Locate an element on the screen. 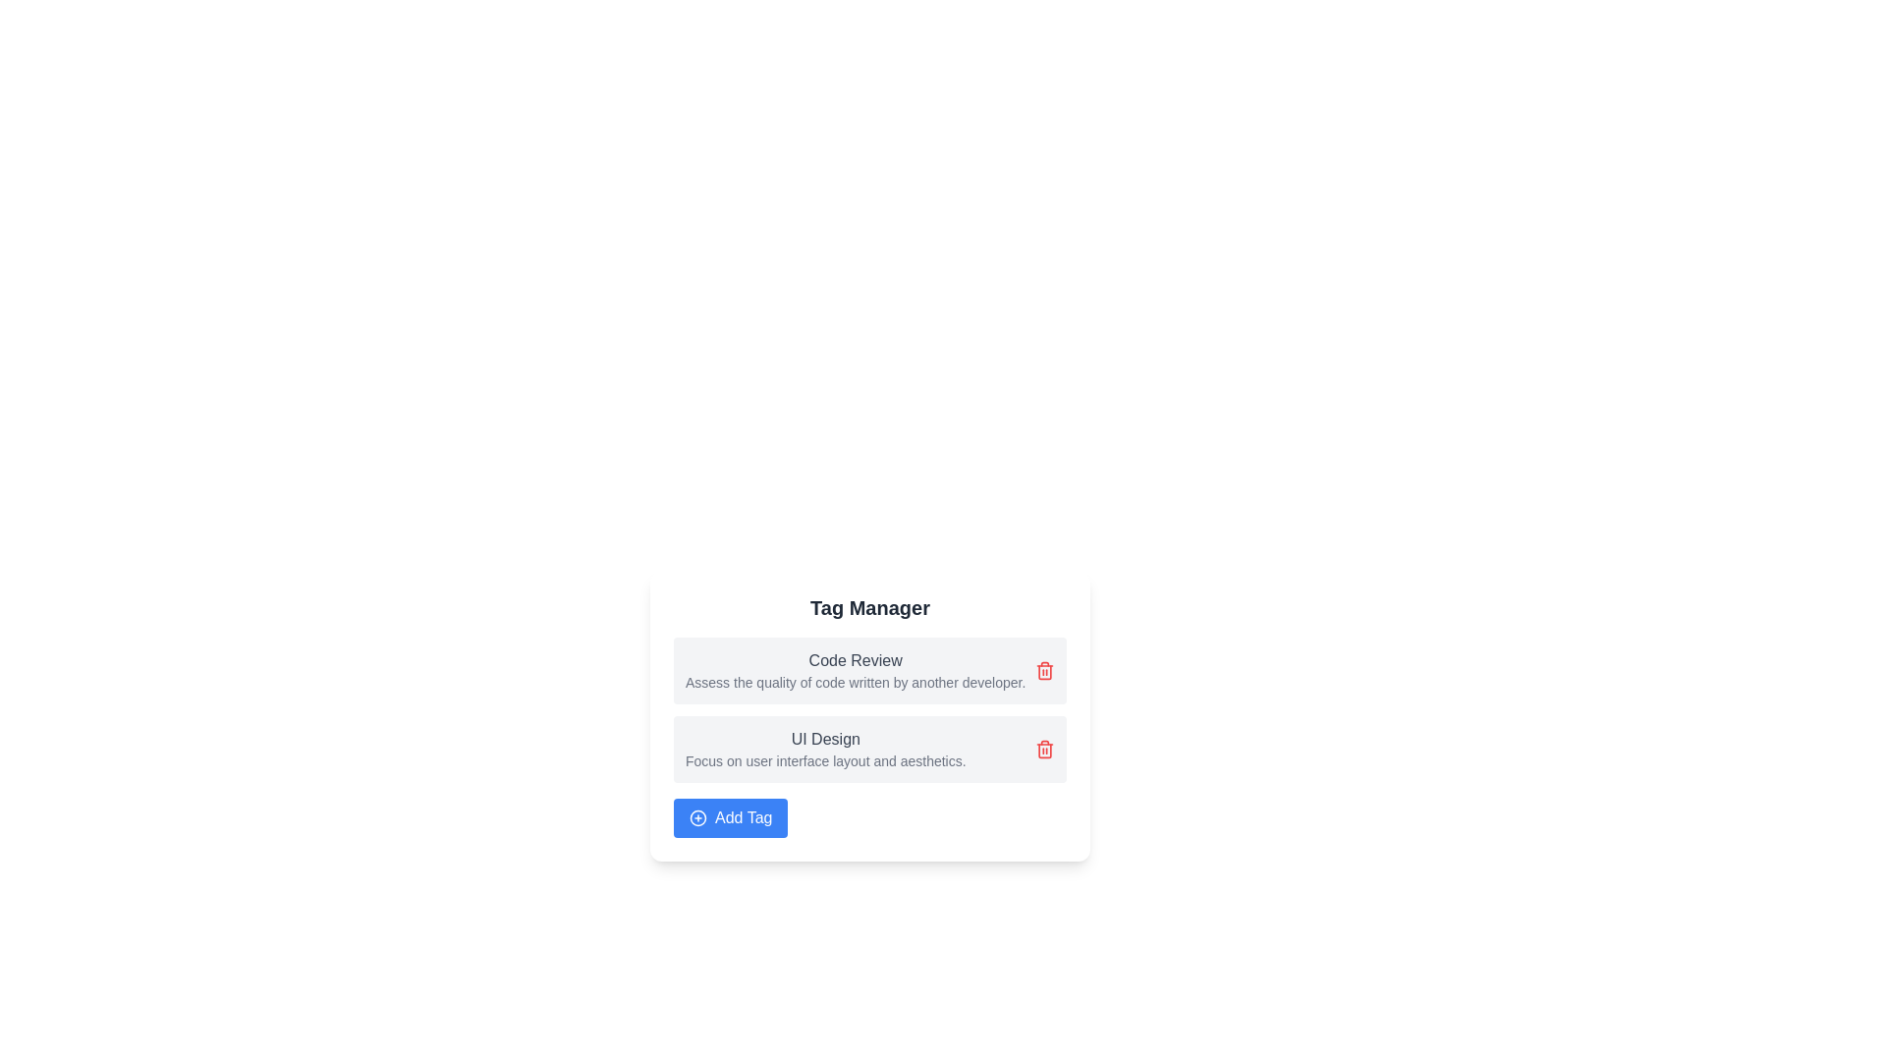 Image resolution: width=1886 pixels, height=1061 pixels. the tag manager entry representing a UI Design task, which features a trash bin icon for removal is located at coordinates (869, 750).